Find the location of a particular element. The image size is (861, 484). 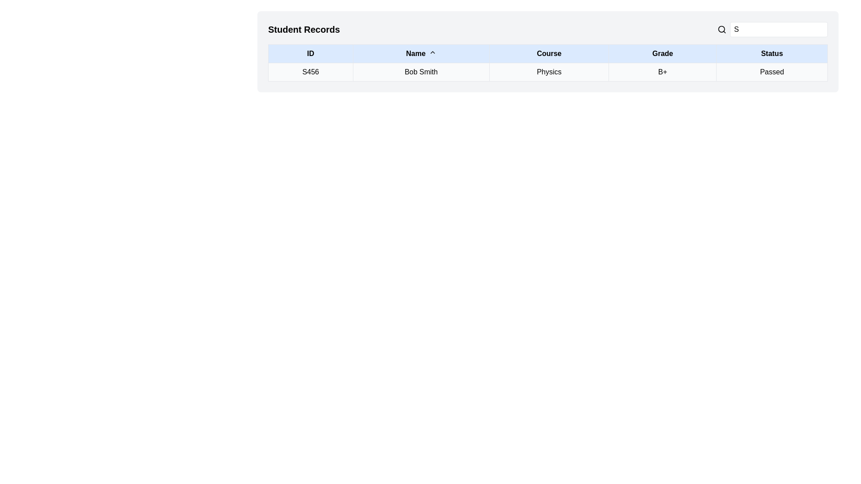

the 'ID' column header in the table, which is part of the light blue header row displaying titles such as 'ID', 'Name', 'Course', 'Grade', and 'Status' is located at coordinates (548, 53).